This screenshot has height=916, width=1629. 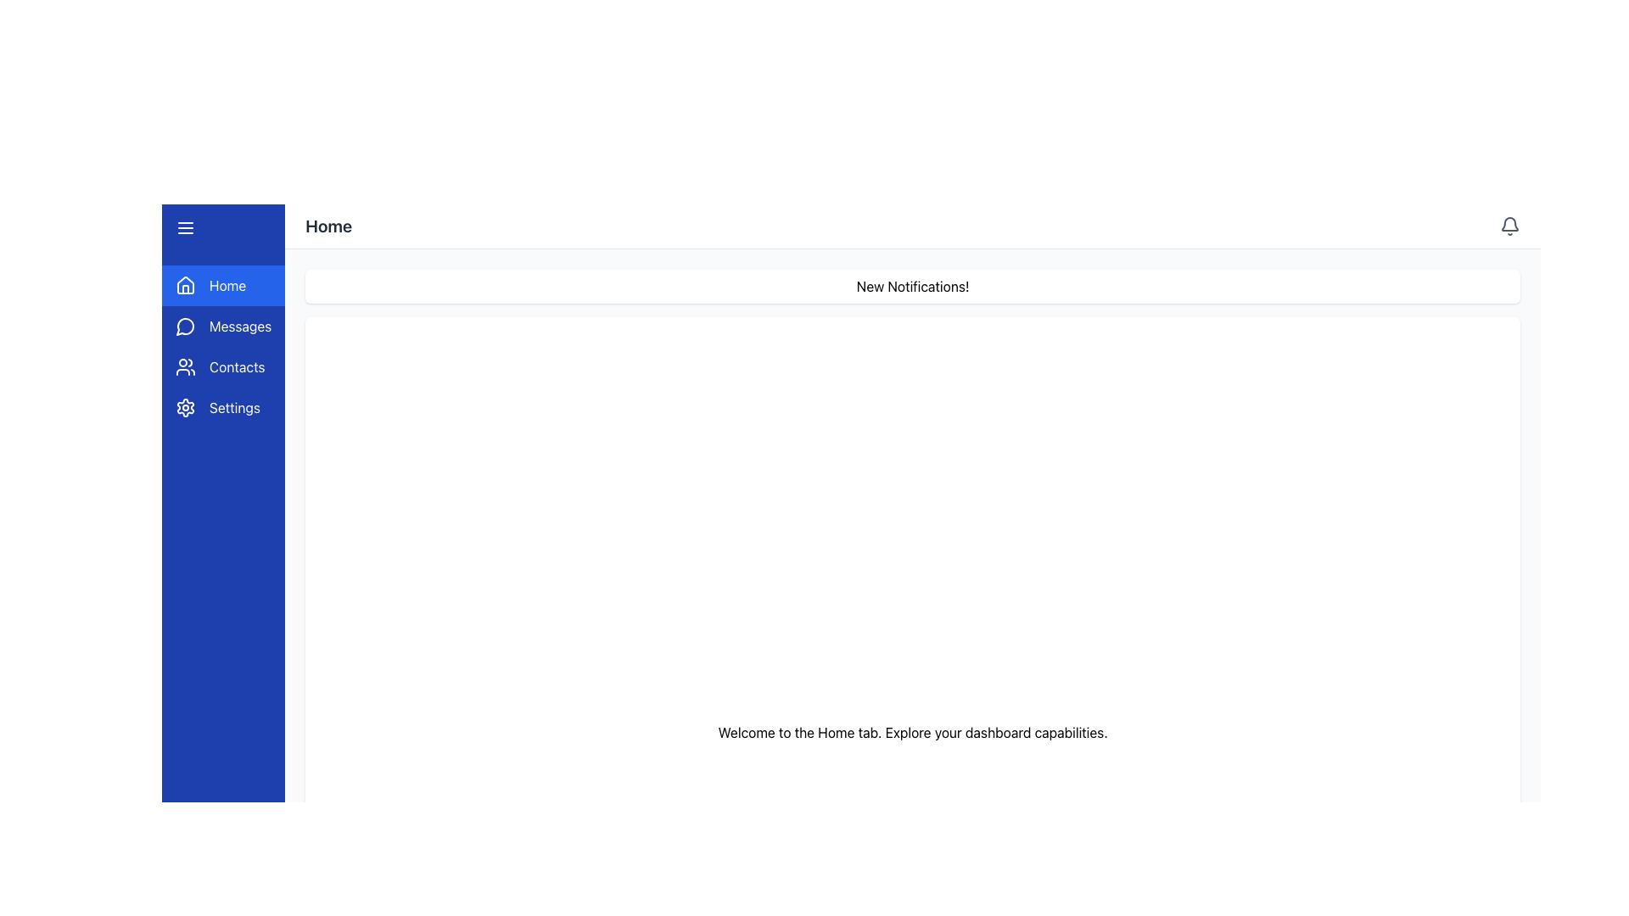 What do you see at coordinates (227, 284) in the screenshot?
I see `the 'Home' label on the left sidebar menu` at bounding box center [227, 284].